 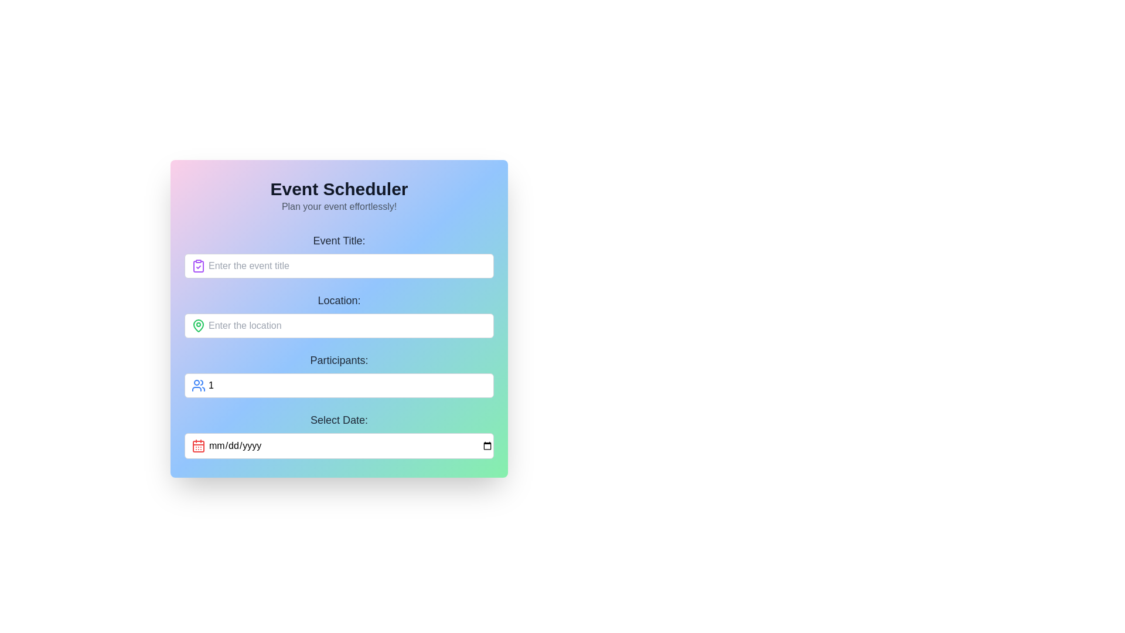 I want to click on the labeled input field for date selection, which includes the label 'Select Date:', an input field with a placeholder 'mm/dd/yyyy', and a calendar icon to the left, so click(x=339, y=435).